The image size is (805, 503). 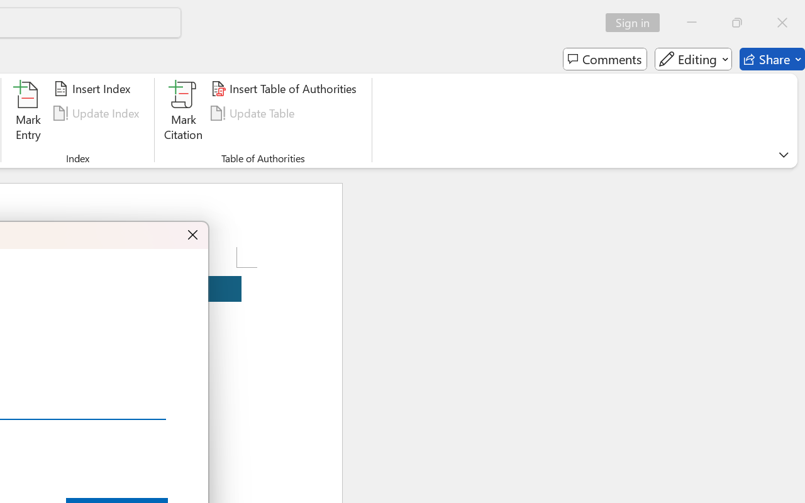 What do you see at coordinates (93, 89) in the screenshot?
I see `'Insert Index...'` at bounding box center [93, 89].